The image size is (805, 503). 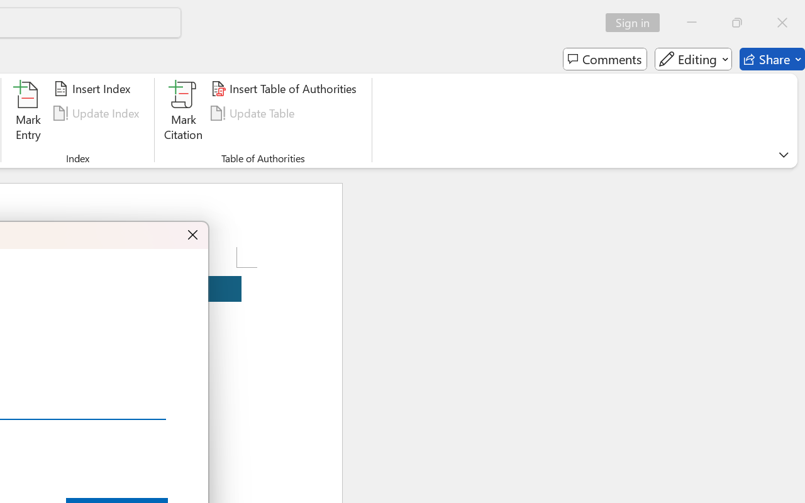 What do you see at coordinates (93, 89) in the screenshot?
I see `'Insert Index...'` at bounding box center [93, 89].